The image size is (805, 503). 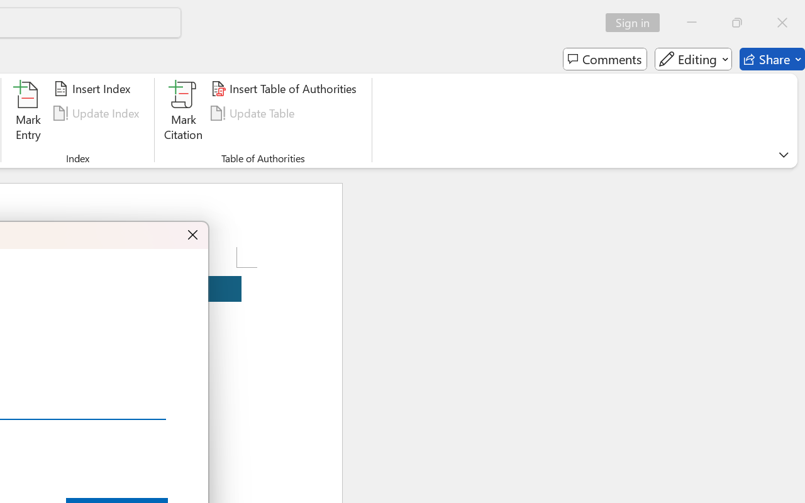 What do you see at coordinates (93, 89) in the screenshot?
I see `'Insert Index...'` at bounding box center [93, 89].